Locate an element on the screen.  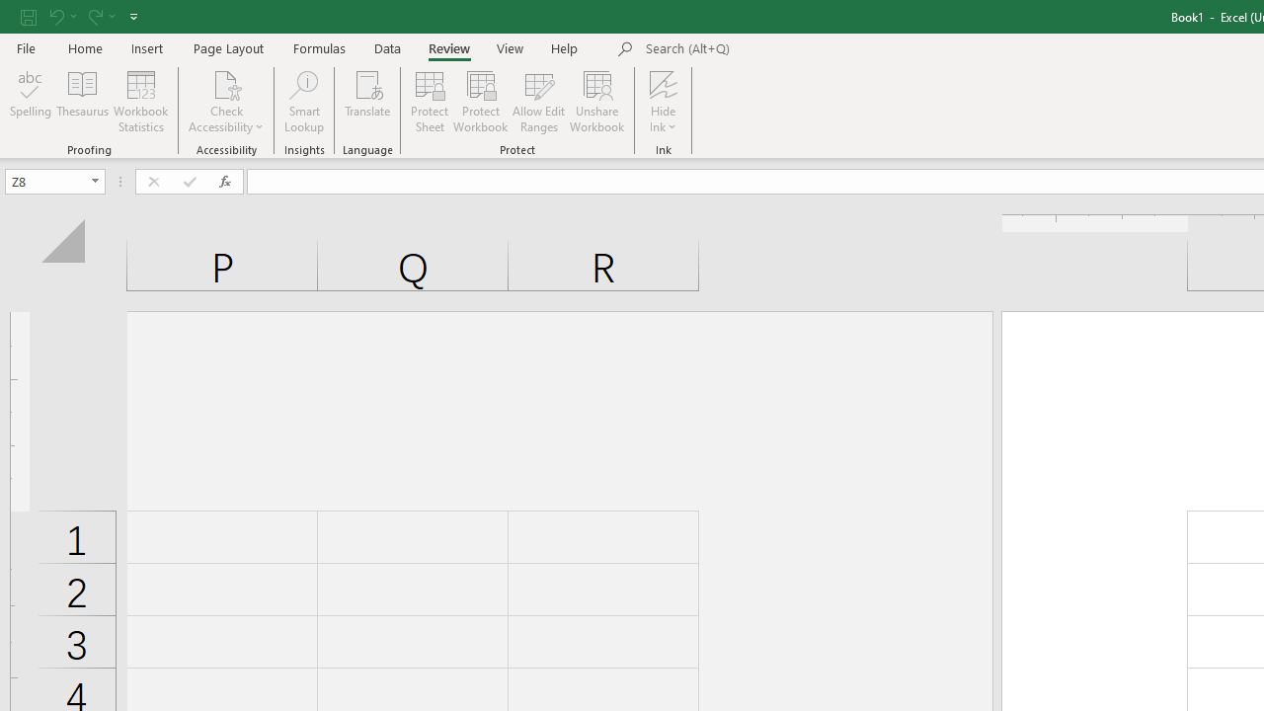
'Home' is located at coordinates (84, 47).